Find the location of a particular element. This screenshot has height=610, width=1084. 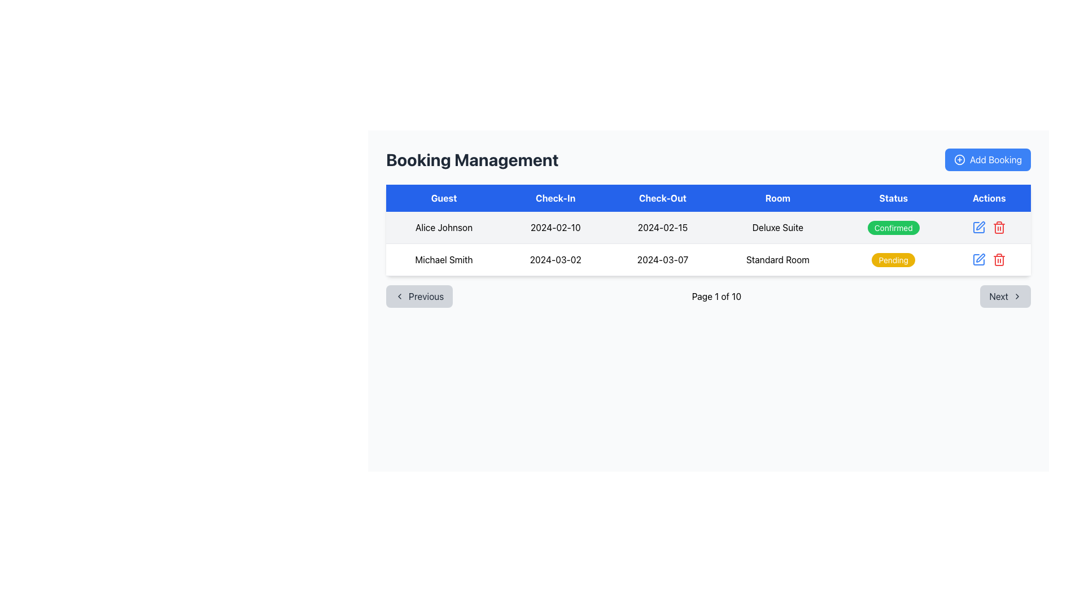

the button located at the bottom-left of the pagination controls is located at coordinates (419, 295).